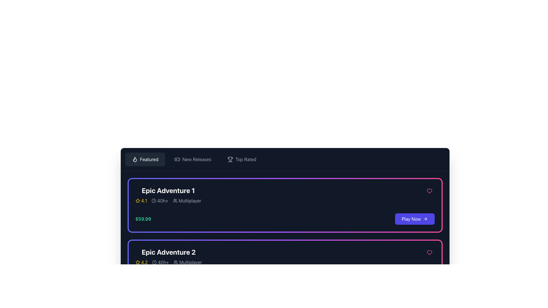  I want to click on the text label displaying the price '$59.99', styled in bold emerald green, located in the section for 'Epic Adventure 1', so click(143, 218).